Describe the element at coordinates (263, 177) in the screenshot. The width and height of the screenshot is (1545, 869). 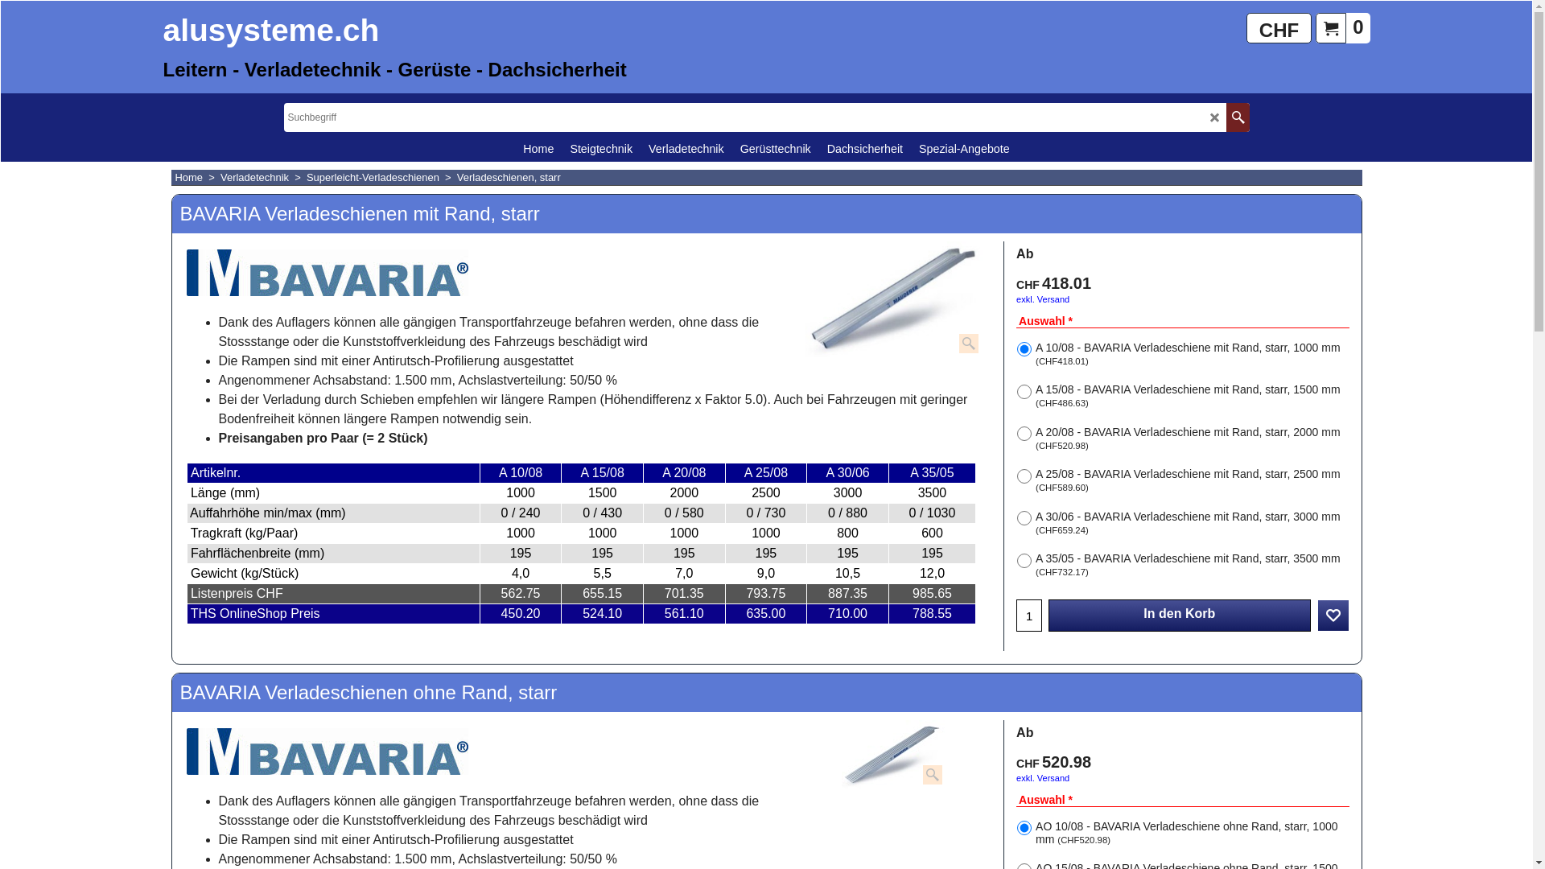
I see `'Verladetechnik  > '` at that location.